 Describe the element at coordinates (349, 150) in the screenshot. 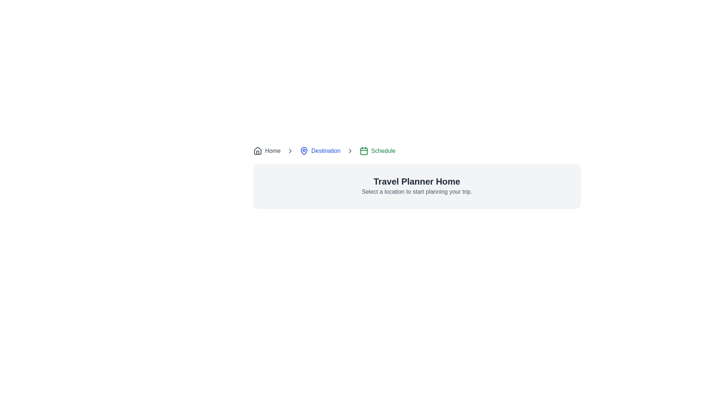

I see `the right-facing arrow icon that separates breadcrumb navigation components, located to the right of the 'Home' text and icon` at that location.